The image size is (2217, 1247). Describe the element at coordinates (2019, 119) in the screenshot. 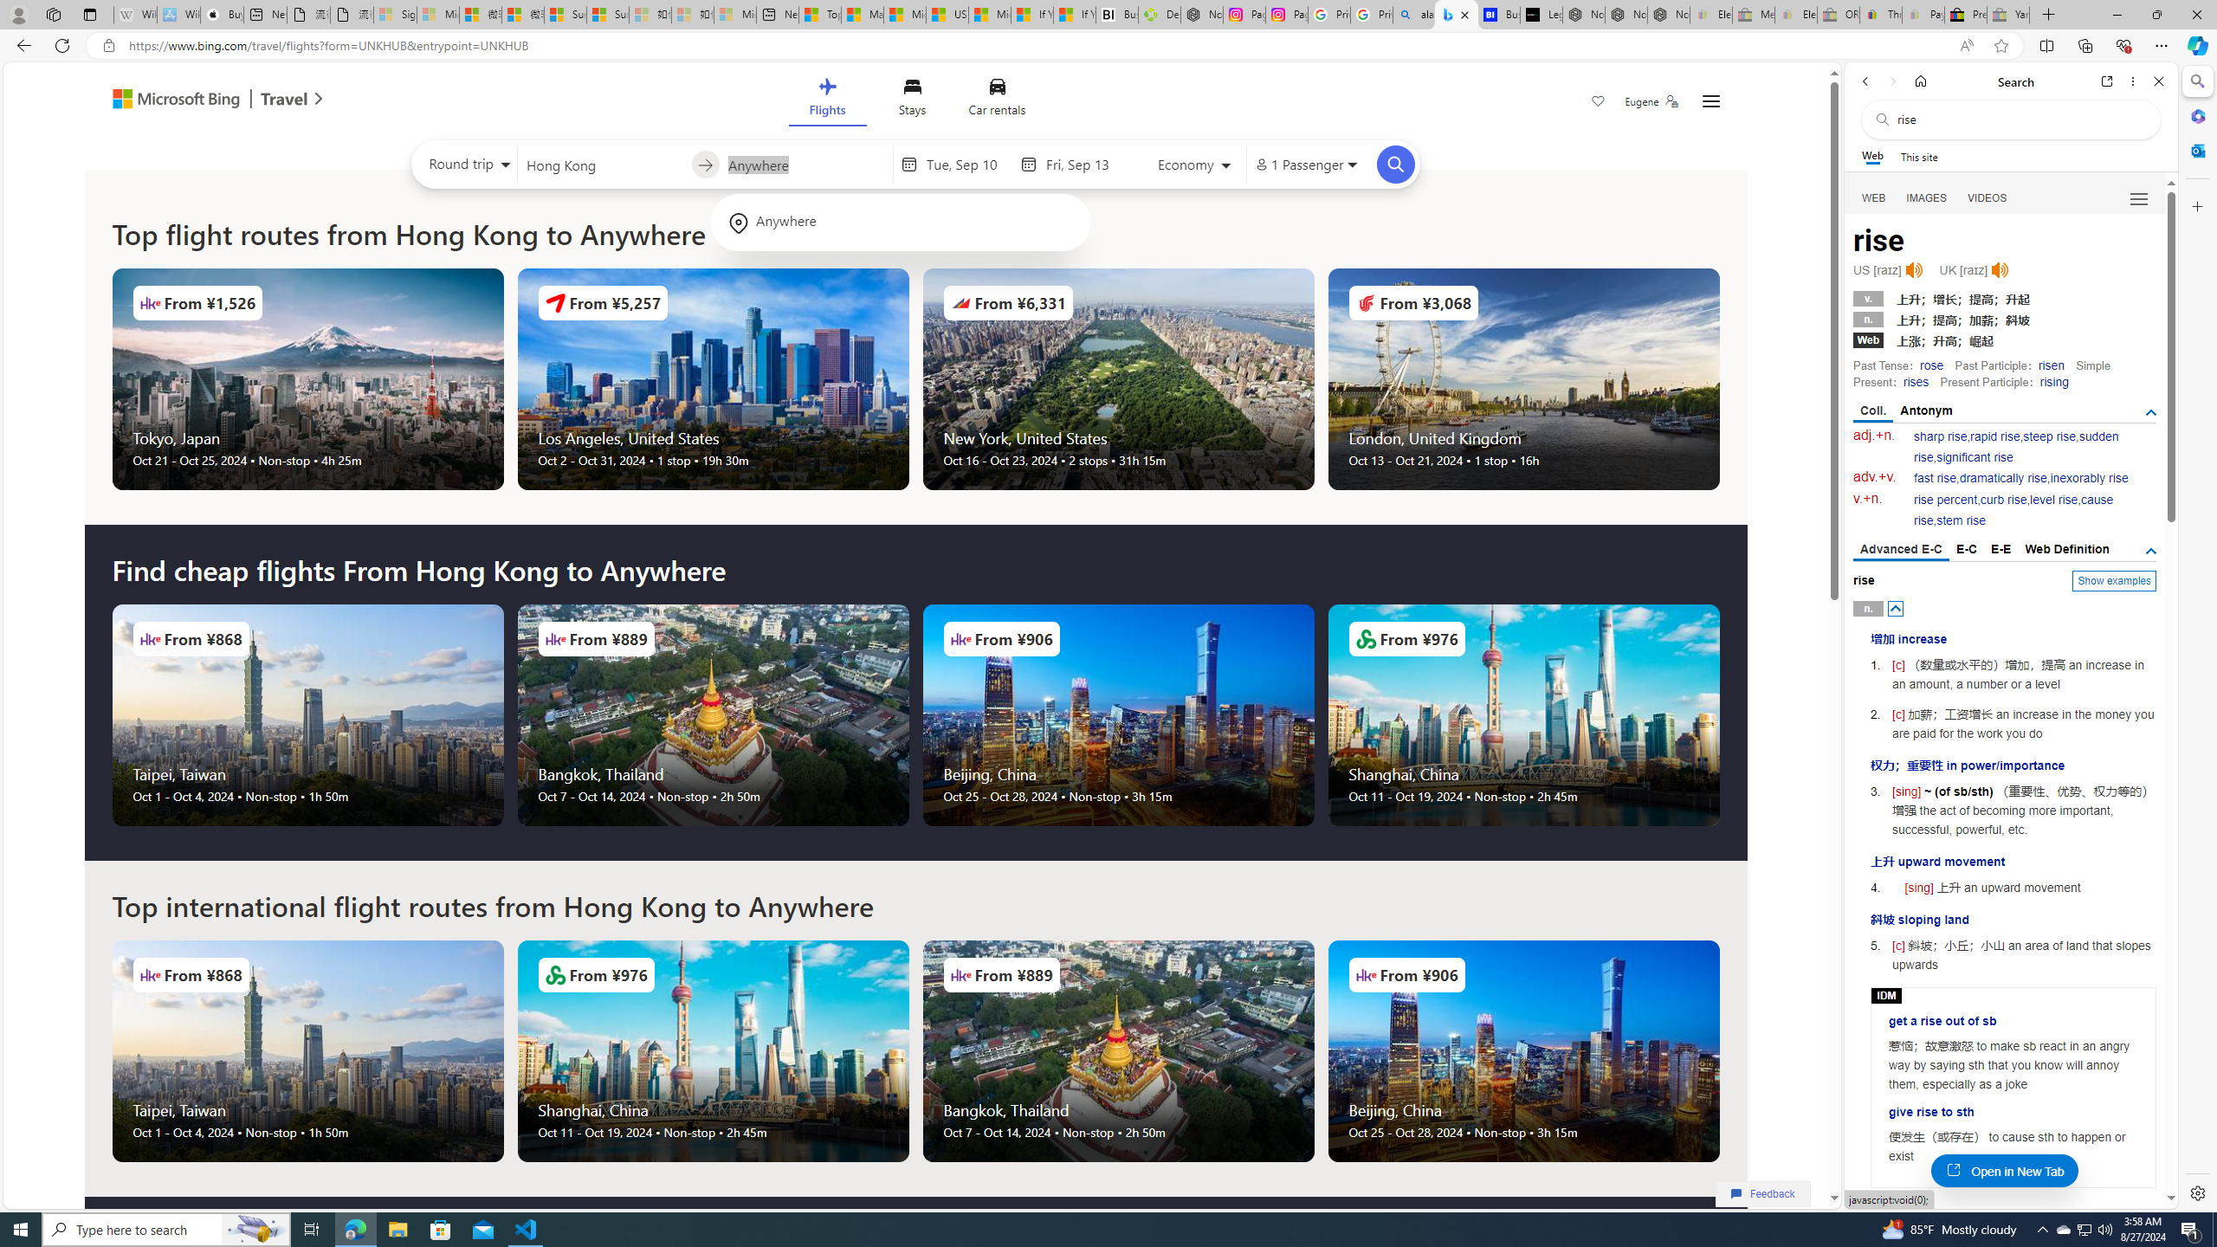

I see `'Search the web'` at that location.